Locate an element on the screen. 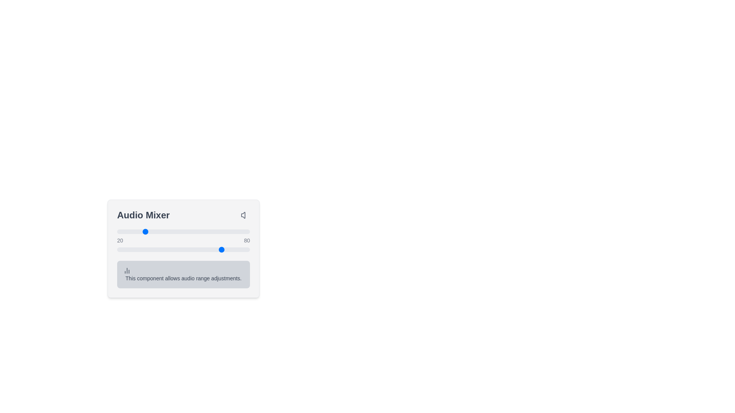  the label displaying the range values for the slider in the 'Audio Mixer' component, located directly below the slider bar and between the text nodes '20' and '80' is located at coordinates (183, 240).